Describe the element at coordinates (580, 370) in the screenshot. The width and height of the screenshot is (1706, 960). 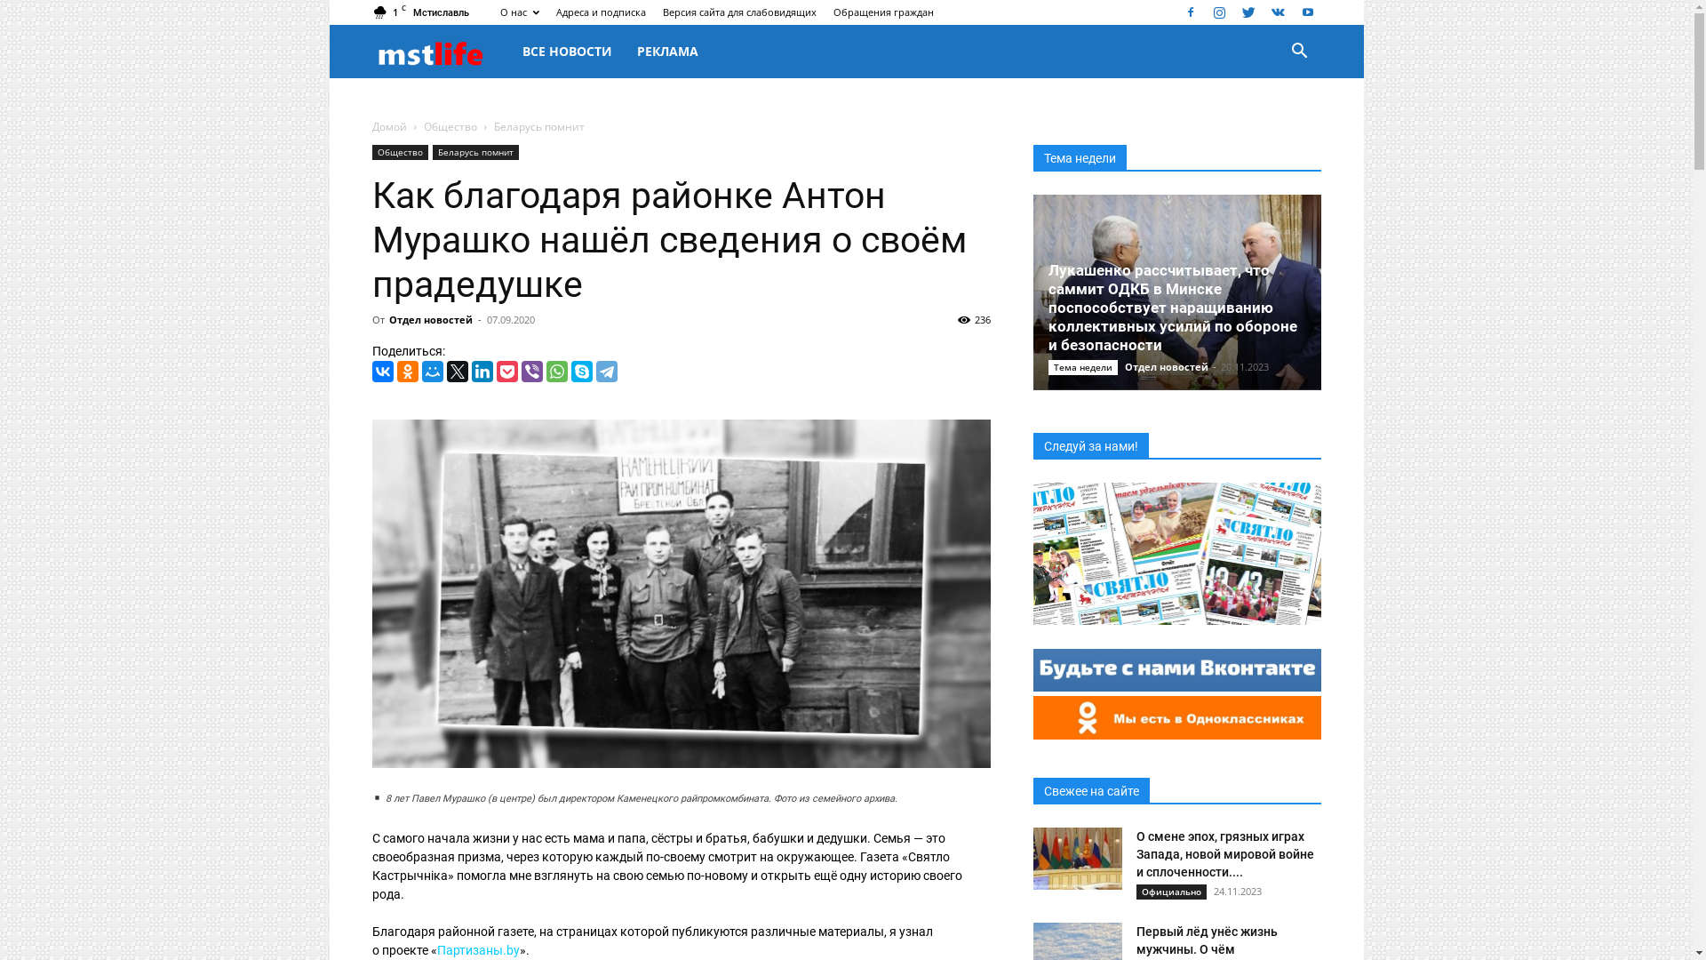
I see `'Skype'` at that location.